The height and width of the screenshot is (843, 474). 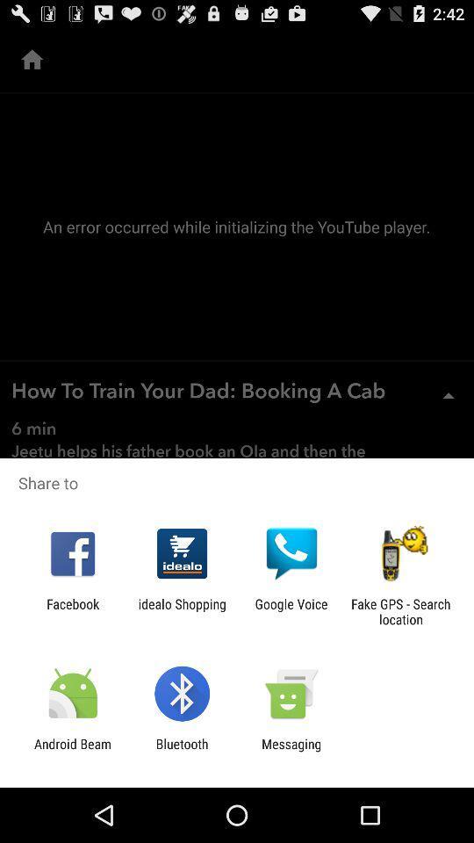 What do you see at coordinates (291, 611) in the screenshot?
I see `icon to the left of fake gps search icon` at bounding box center [291, 611].